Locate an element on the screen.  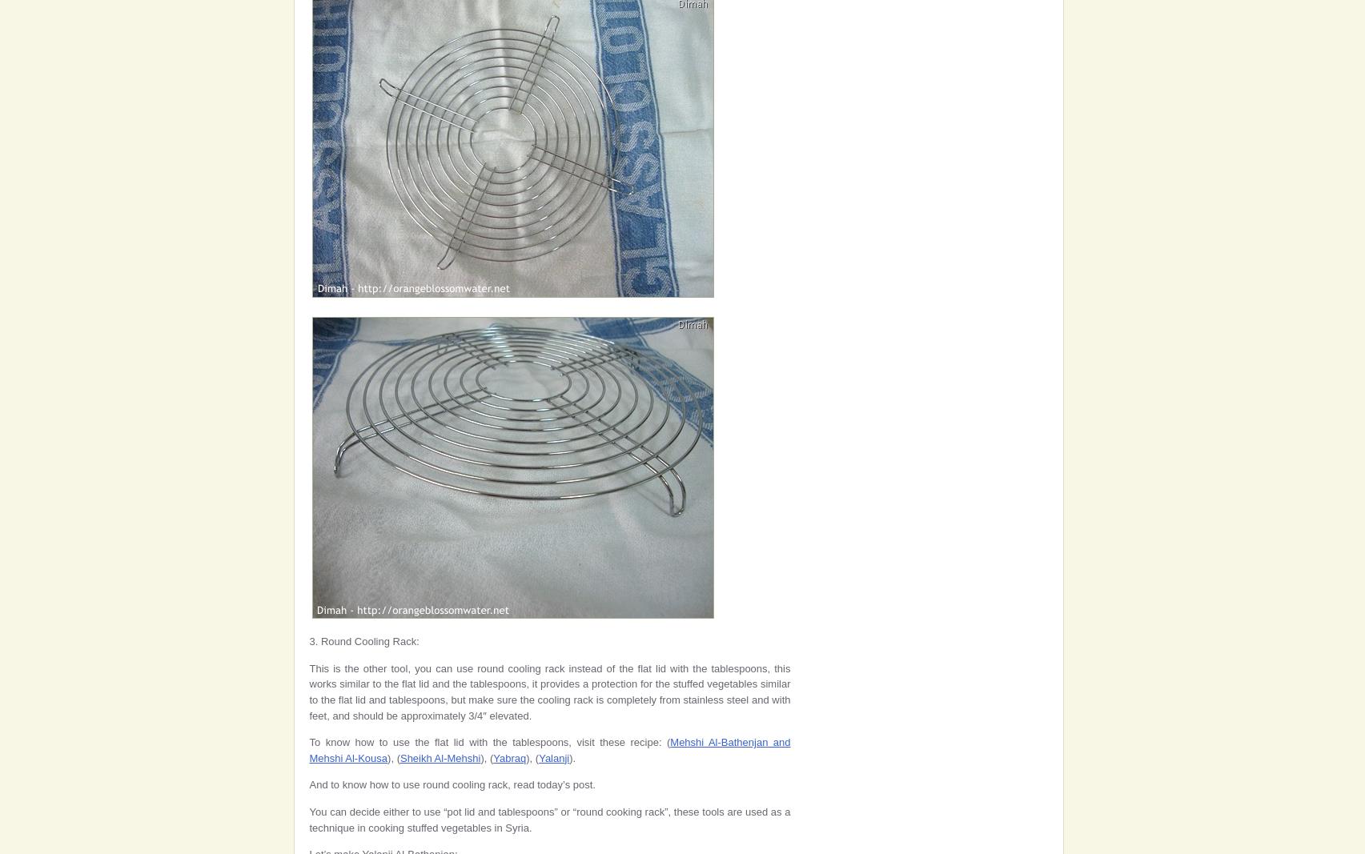
'You can decide either to use “pot lid and tablespoons” or “round cooking rack”, these tools are used as a technique in cooking stuffed vegetables in Syria.' is located at coordinates (308, 819).